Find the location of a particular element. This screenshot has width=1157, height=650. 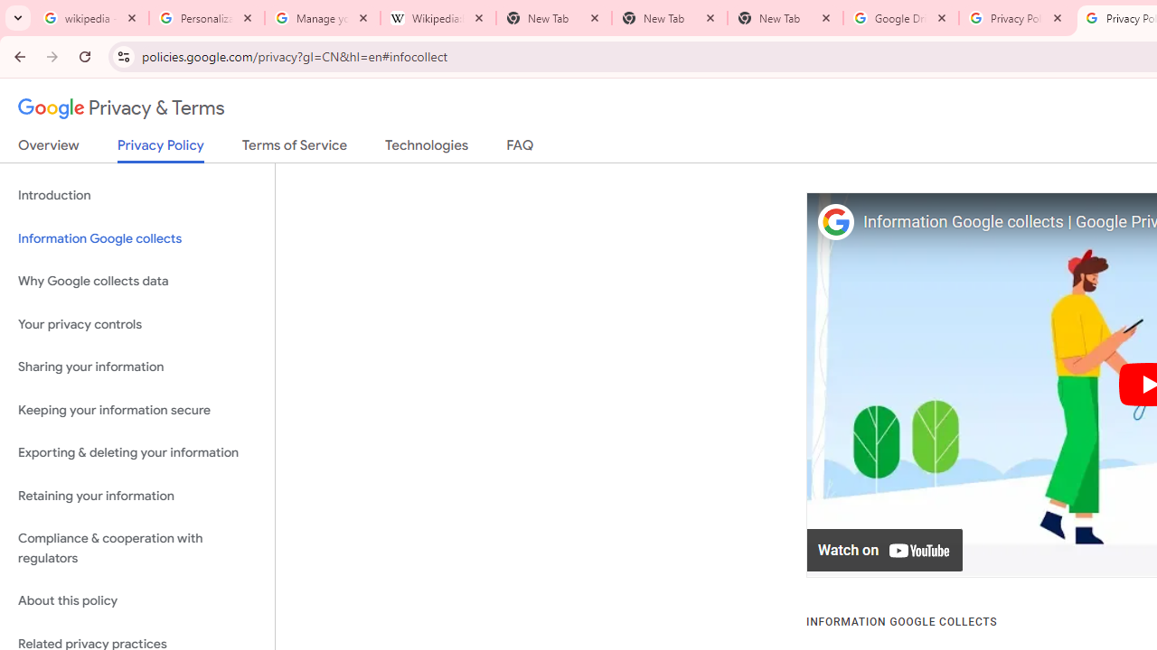

'Sharing your information' is located at coordinates (136, 367).